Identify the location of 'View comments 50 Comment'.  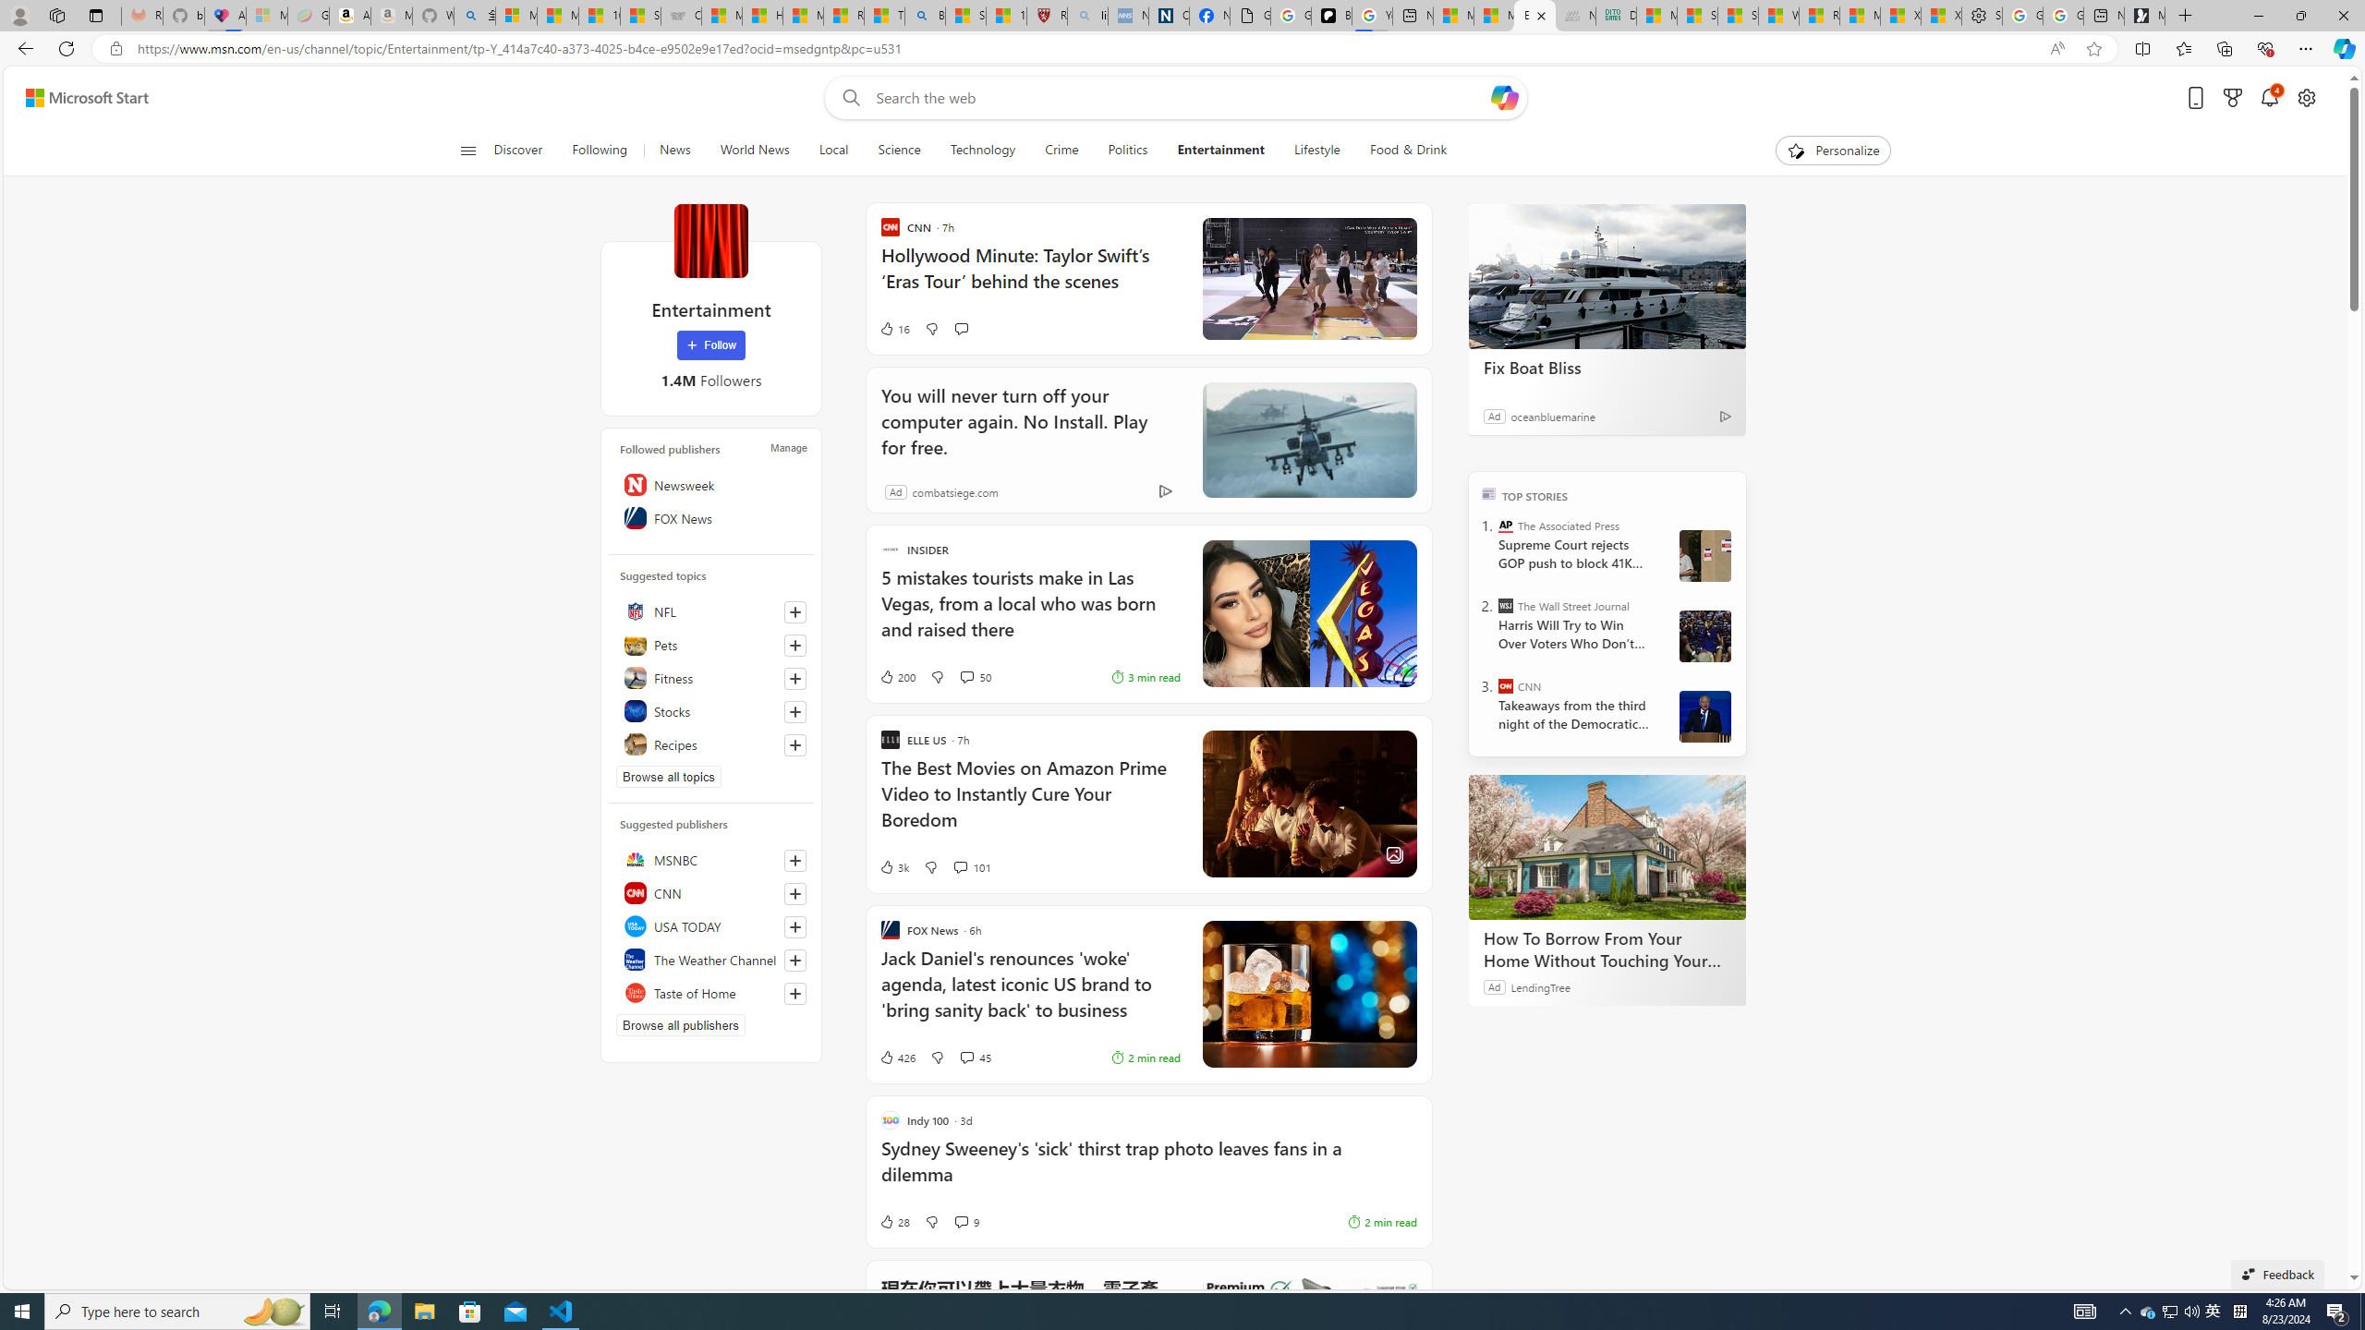
(973, 675).